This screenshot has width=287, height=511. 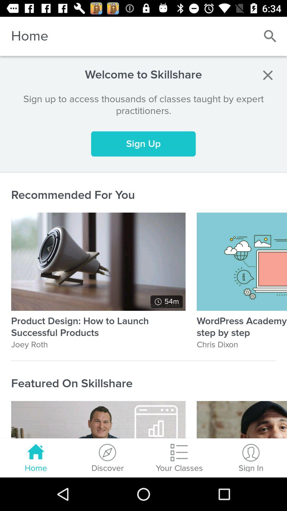 I want to click on exit notification, so click(x=268, y=75).